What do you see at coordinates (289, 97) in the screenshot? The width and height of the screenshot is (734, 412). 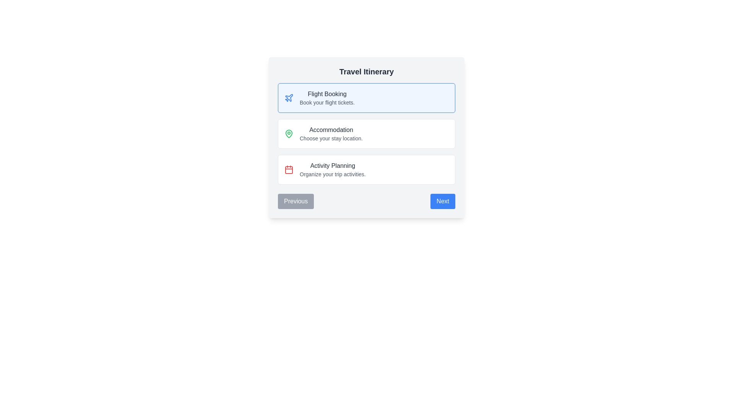 I see `the blue stroke airplane icon located in the top left corner of the 'Flight Booking' section` at bounding box center [289, 97].